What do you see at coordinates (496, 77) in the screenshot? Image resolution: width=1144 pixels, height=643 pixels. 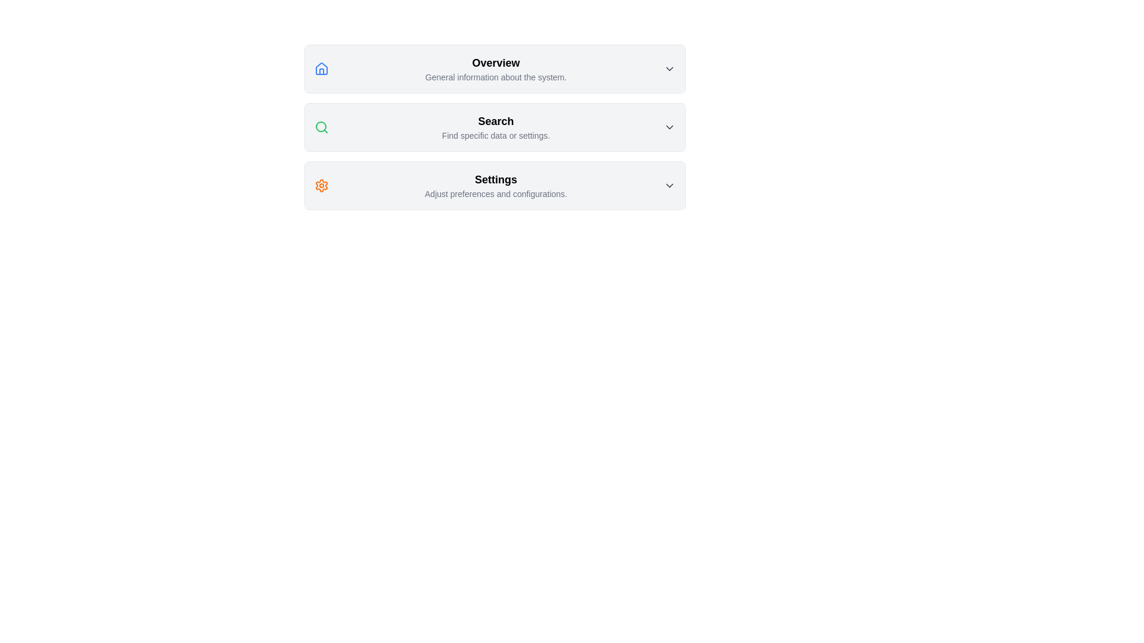 I see `the Text Display element located in the 'Overview' section, directly below the title 'Overview.'` at bounding box center [496, 77].